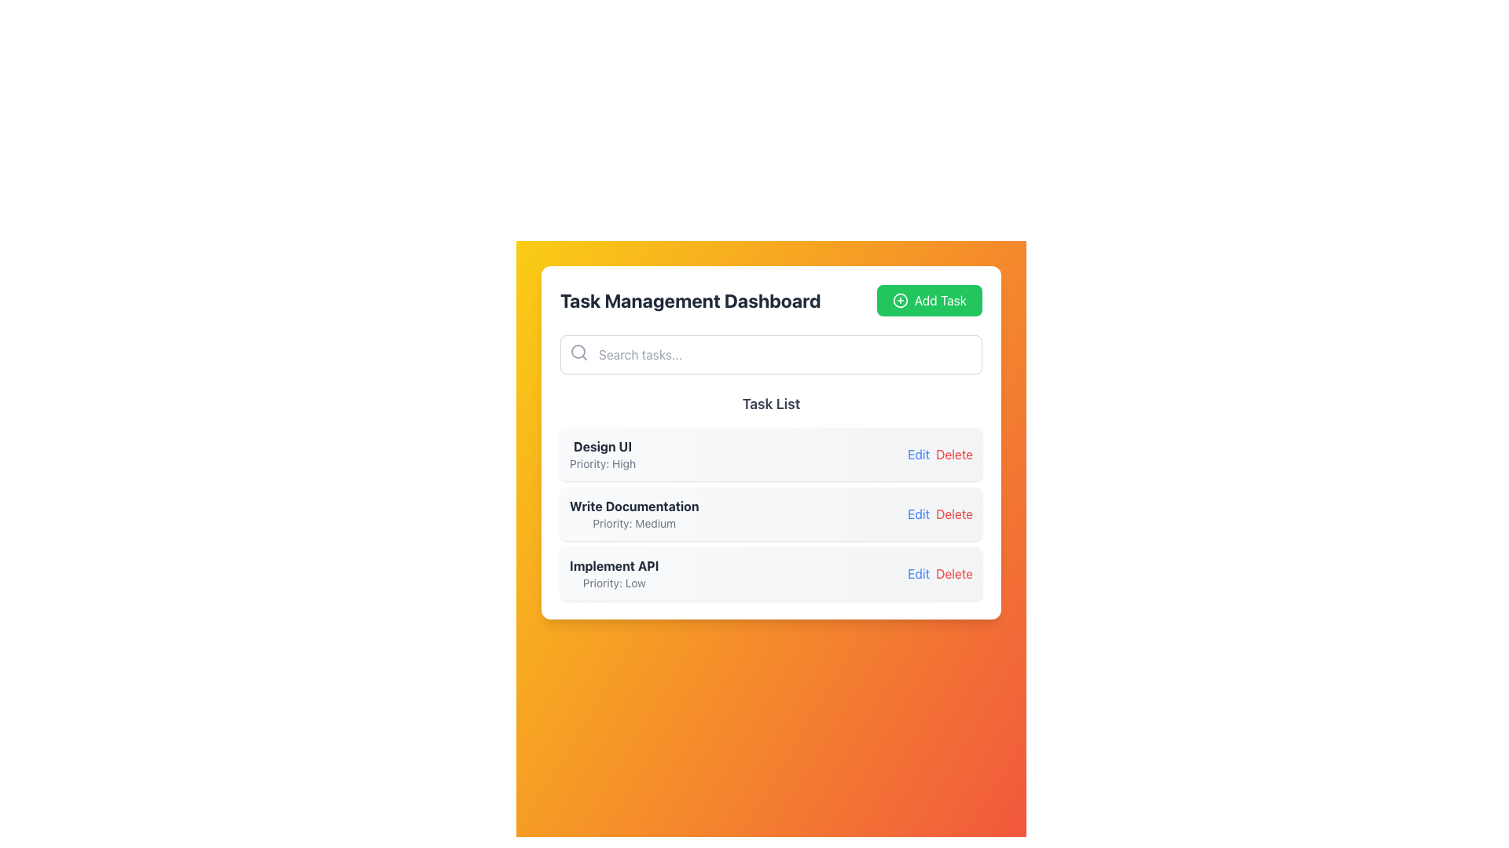  Describe the element at coordinates (634, 506) in the screenshot. I see `the text element reading 'Write Documentation', styled in bold and dark gray, from its current position` at that location.